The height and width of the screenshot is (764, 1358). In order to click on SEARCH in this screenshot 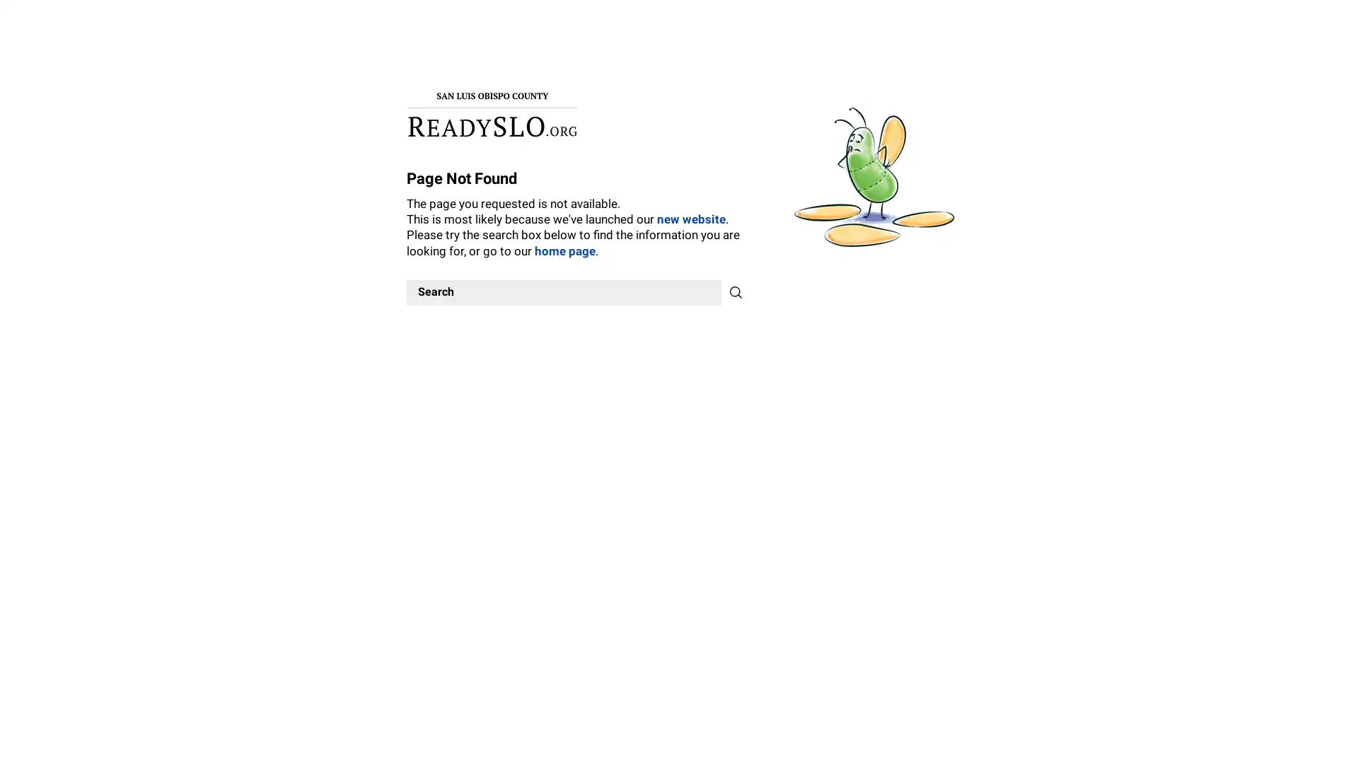, I will do `click(736, 291)`.